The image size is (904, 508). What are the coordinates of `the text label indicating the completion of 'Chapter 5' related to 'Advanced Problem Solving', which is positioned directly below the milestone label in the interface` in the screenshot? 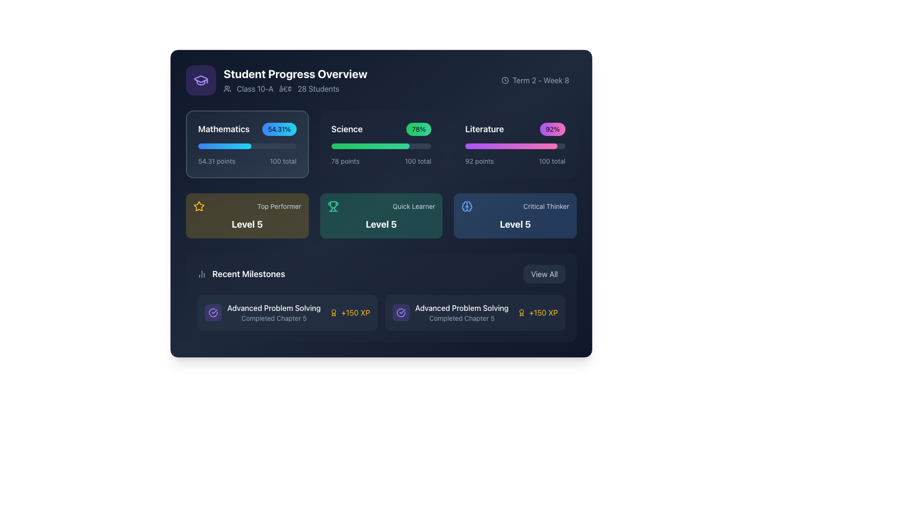 It's located at (274, 318).